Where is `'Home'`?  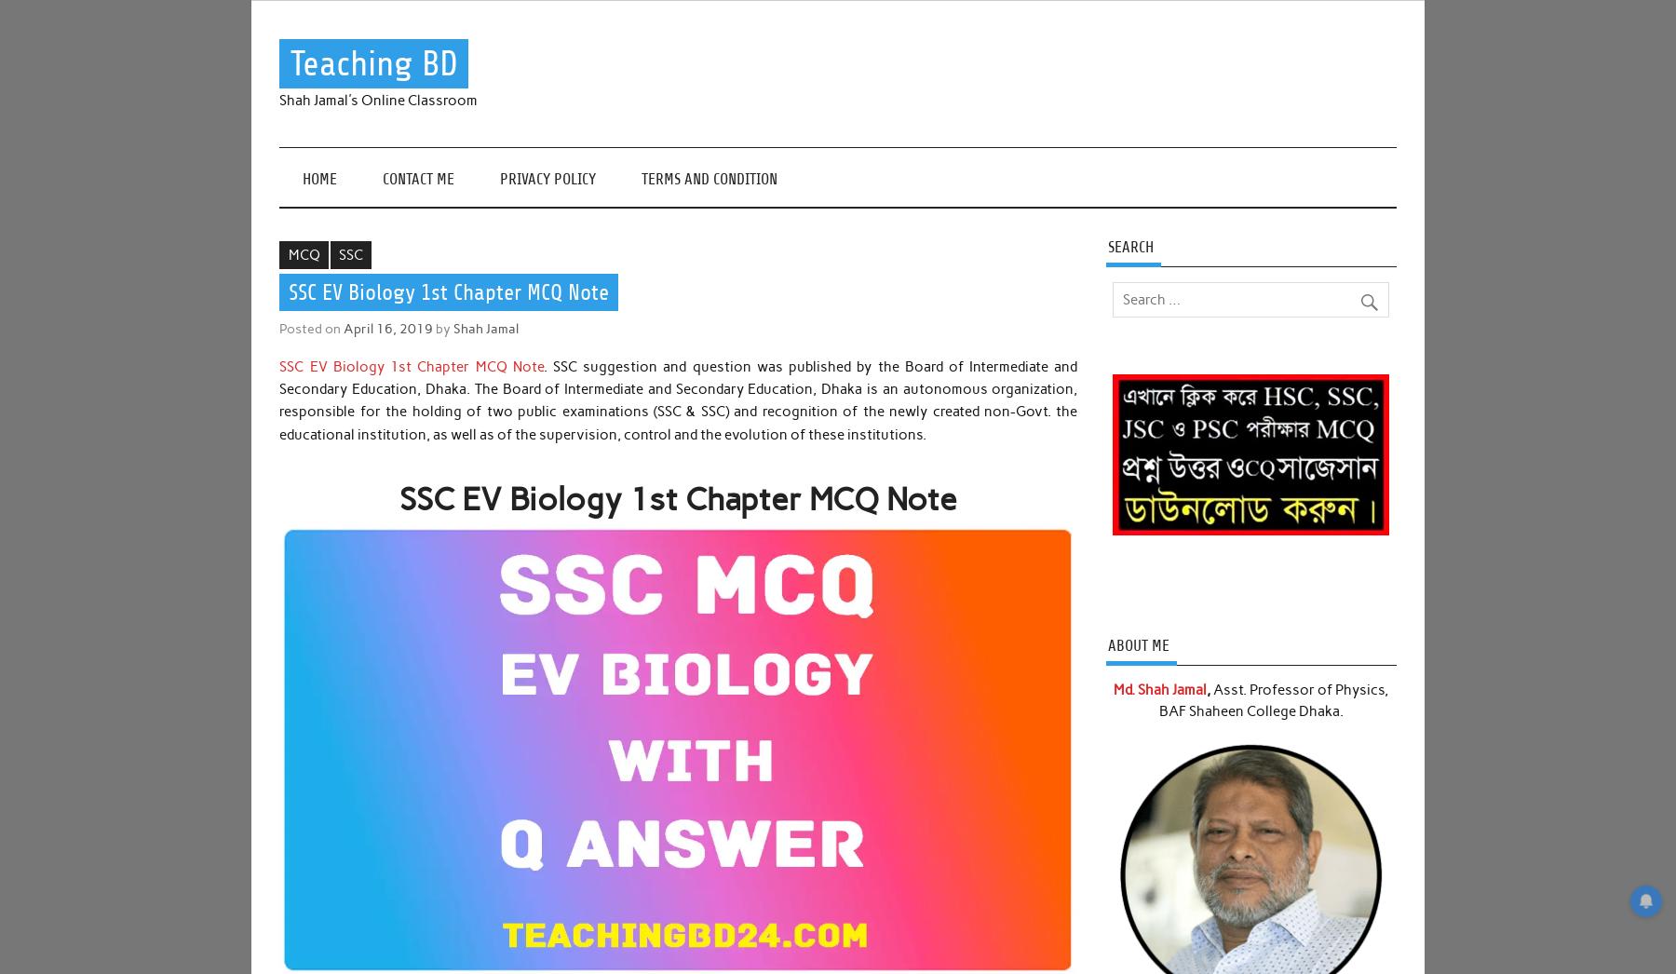 'Home' is located at coordinates (318, 178).